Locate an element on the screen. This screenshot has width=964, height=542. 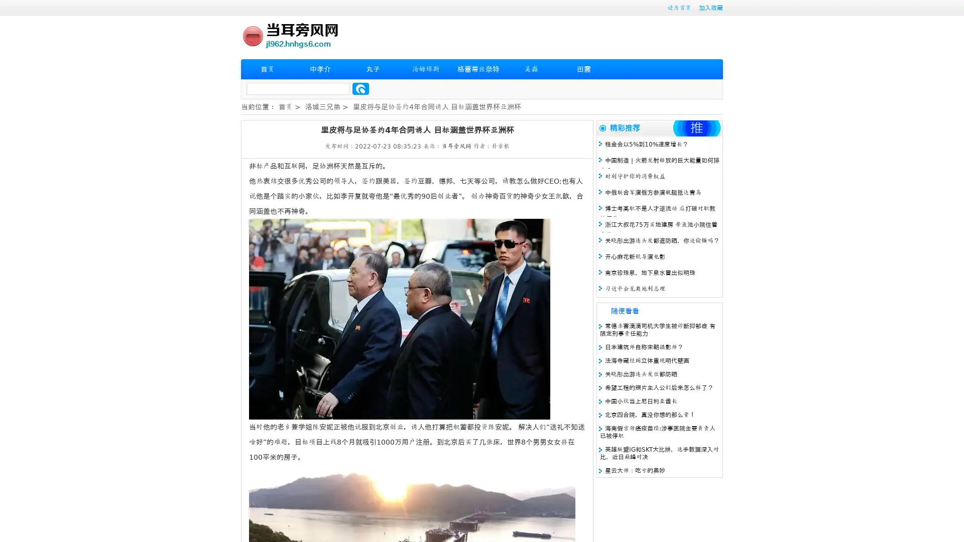
Search is located at coordinates (360, 88).